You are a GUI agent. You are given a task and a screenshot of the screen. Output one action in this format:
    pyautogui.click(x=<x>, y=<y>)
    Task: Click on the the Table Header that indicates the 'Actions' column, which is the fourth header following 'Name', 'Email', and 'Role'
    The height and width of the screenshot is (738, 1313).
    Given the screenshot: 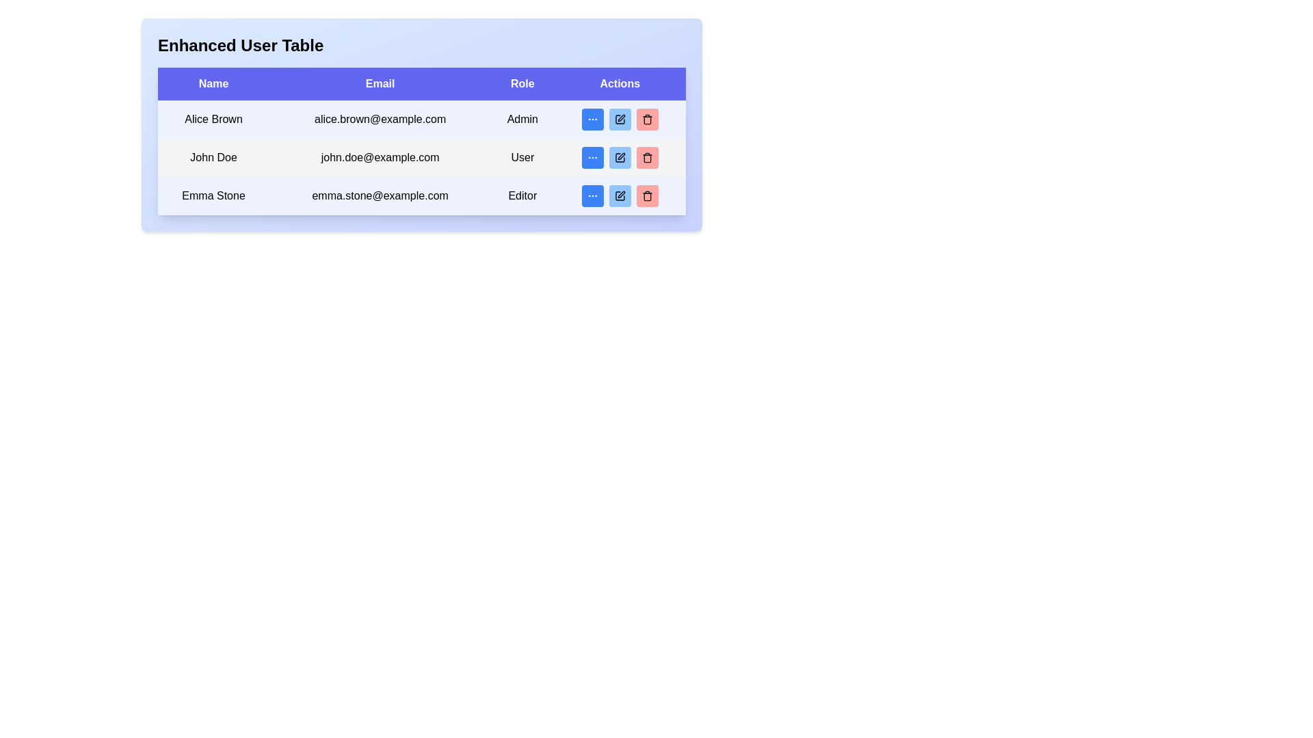 What is the action you would take?
    pyautogui.click(x=619, y=84)
    